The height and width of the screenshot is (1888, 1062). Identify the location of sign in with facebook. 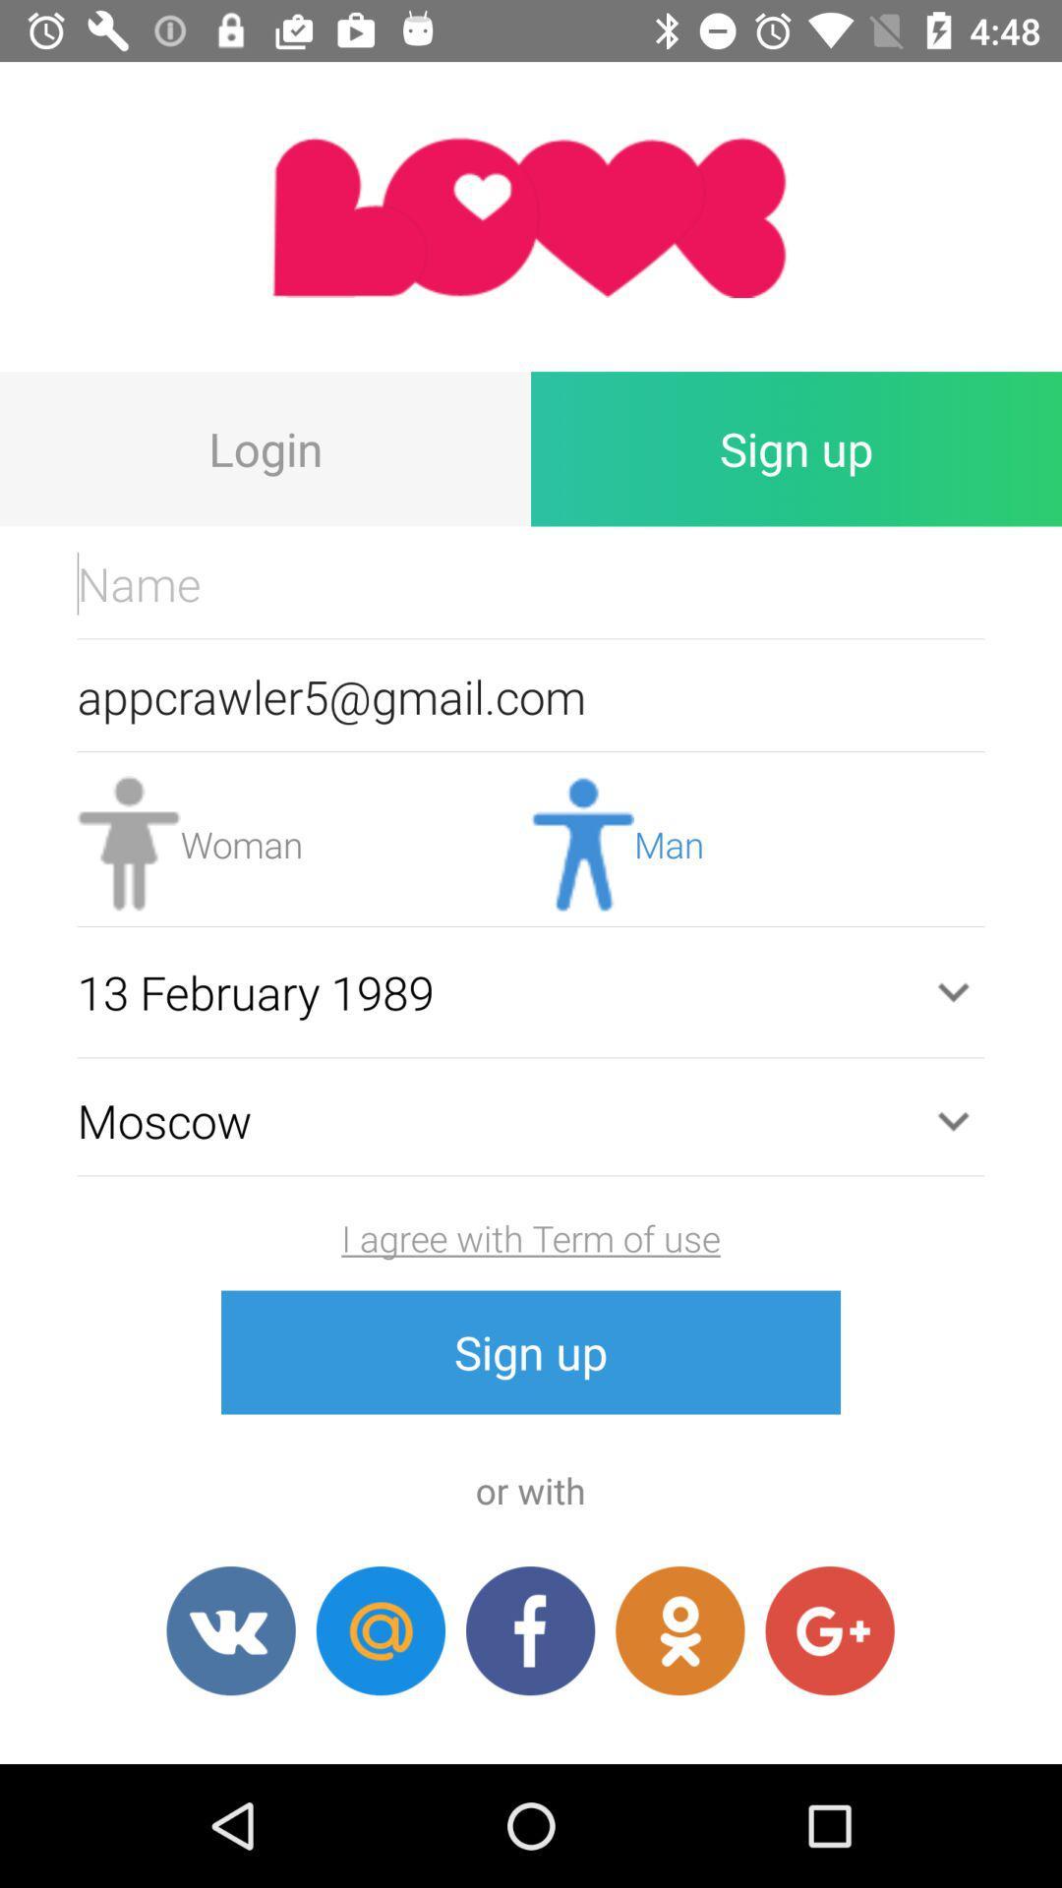
(529, 1630).